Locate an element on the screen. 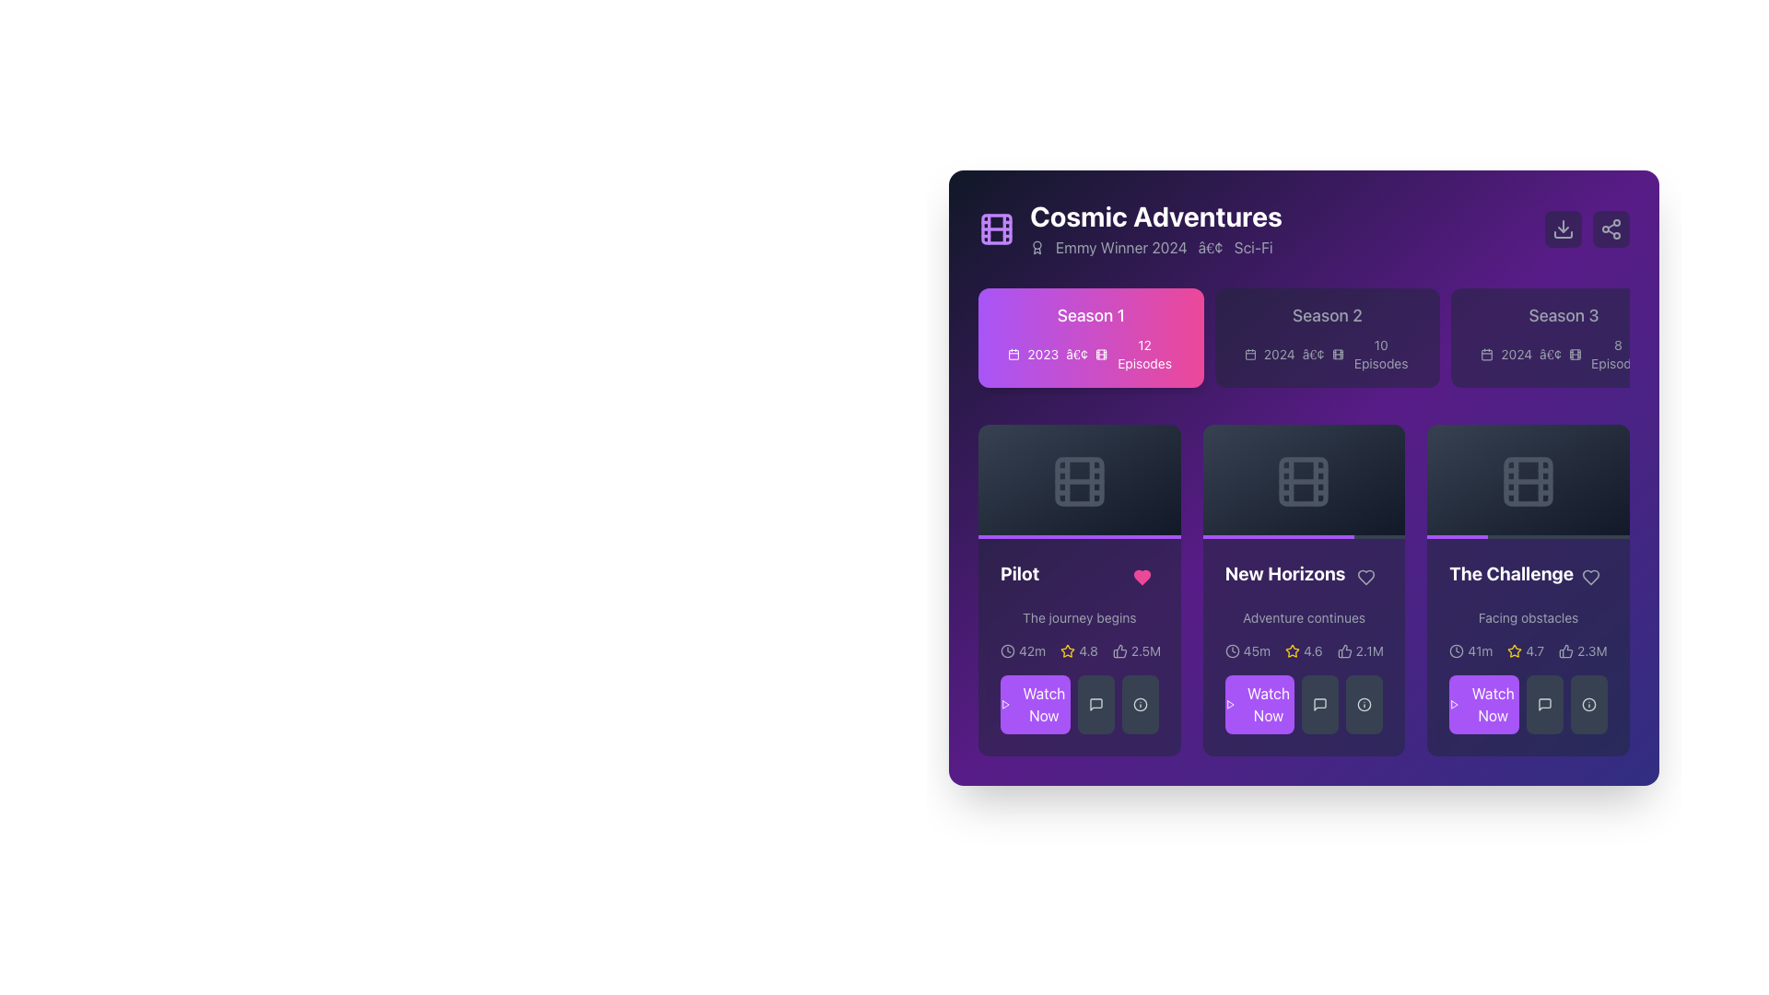 The width and height of the screenshot is (1769, 995). the like button located in the upper-right segment of the 'Pilot' card, which is positioned to the right of the text-title 'Pilot', to indicate a preference or add it to favorites is located at coordinates (1141, 576).